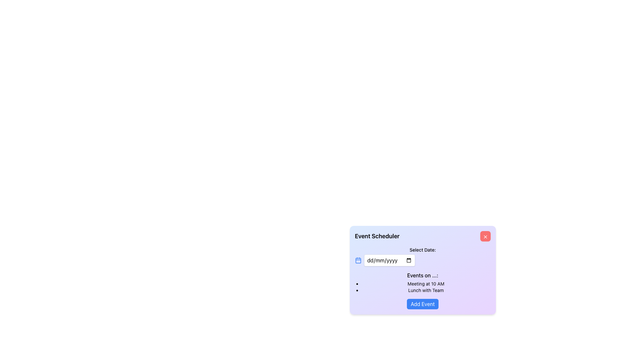 The width and height of the screenshot is (626, 352). Describe the element at coordinates (423, 282) in the screenshot. I see `the informational Text Section in the 'Event Scheduler' dialog box, positioned below the 'Select Date:' field and above the 'Add Event' button` at that location.